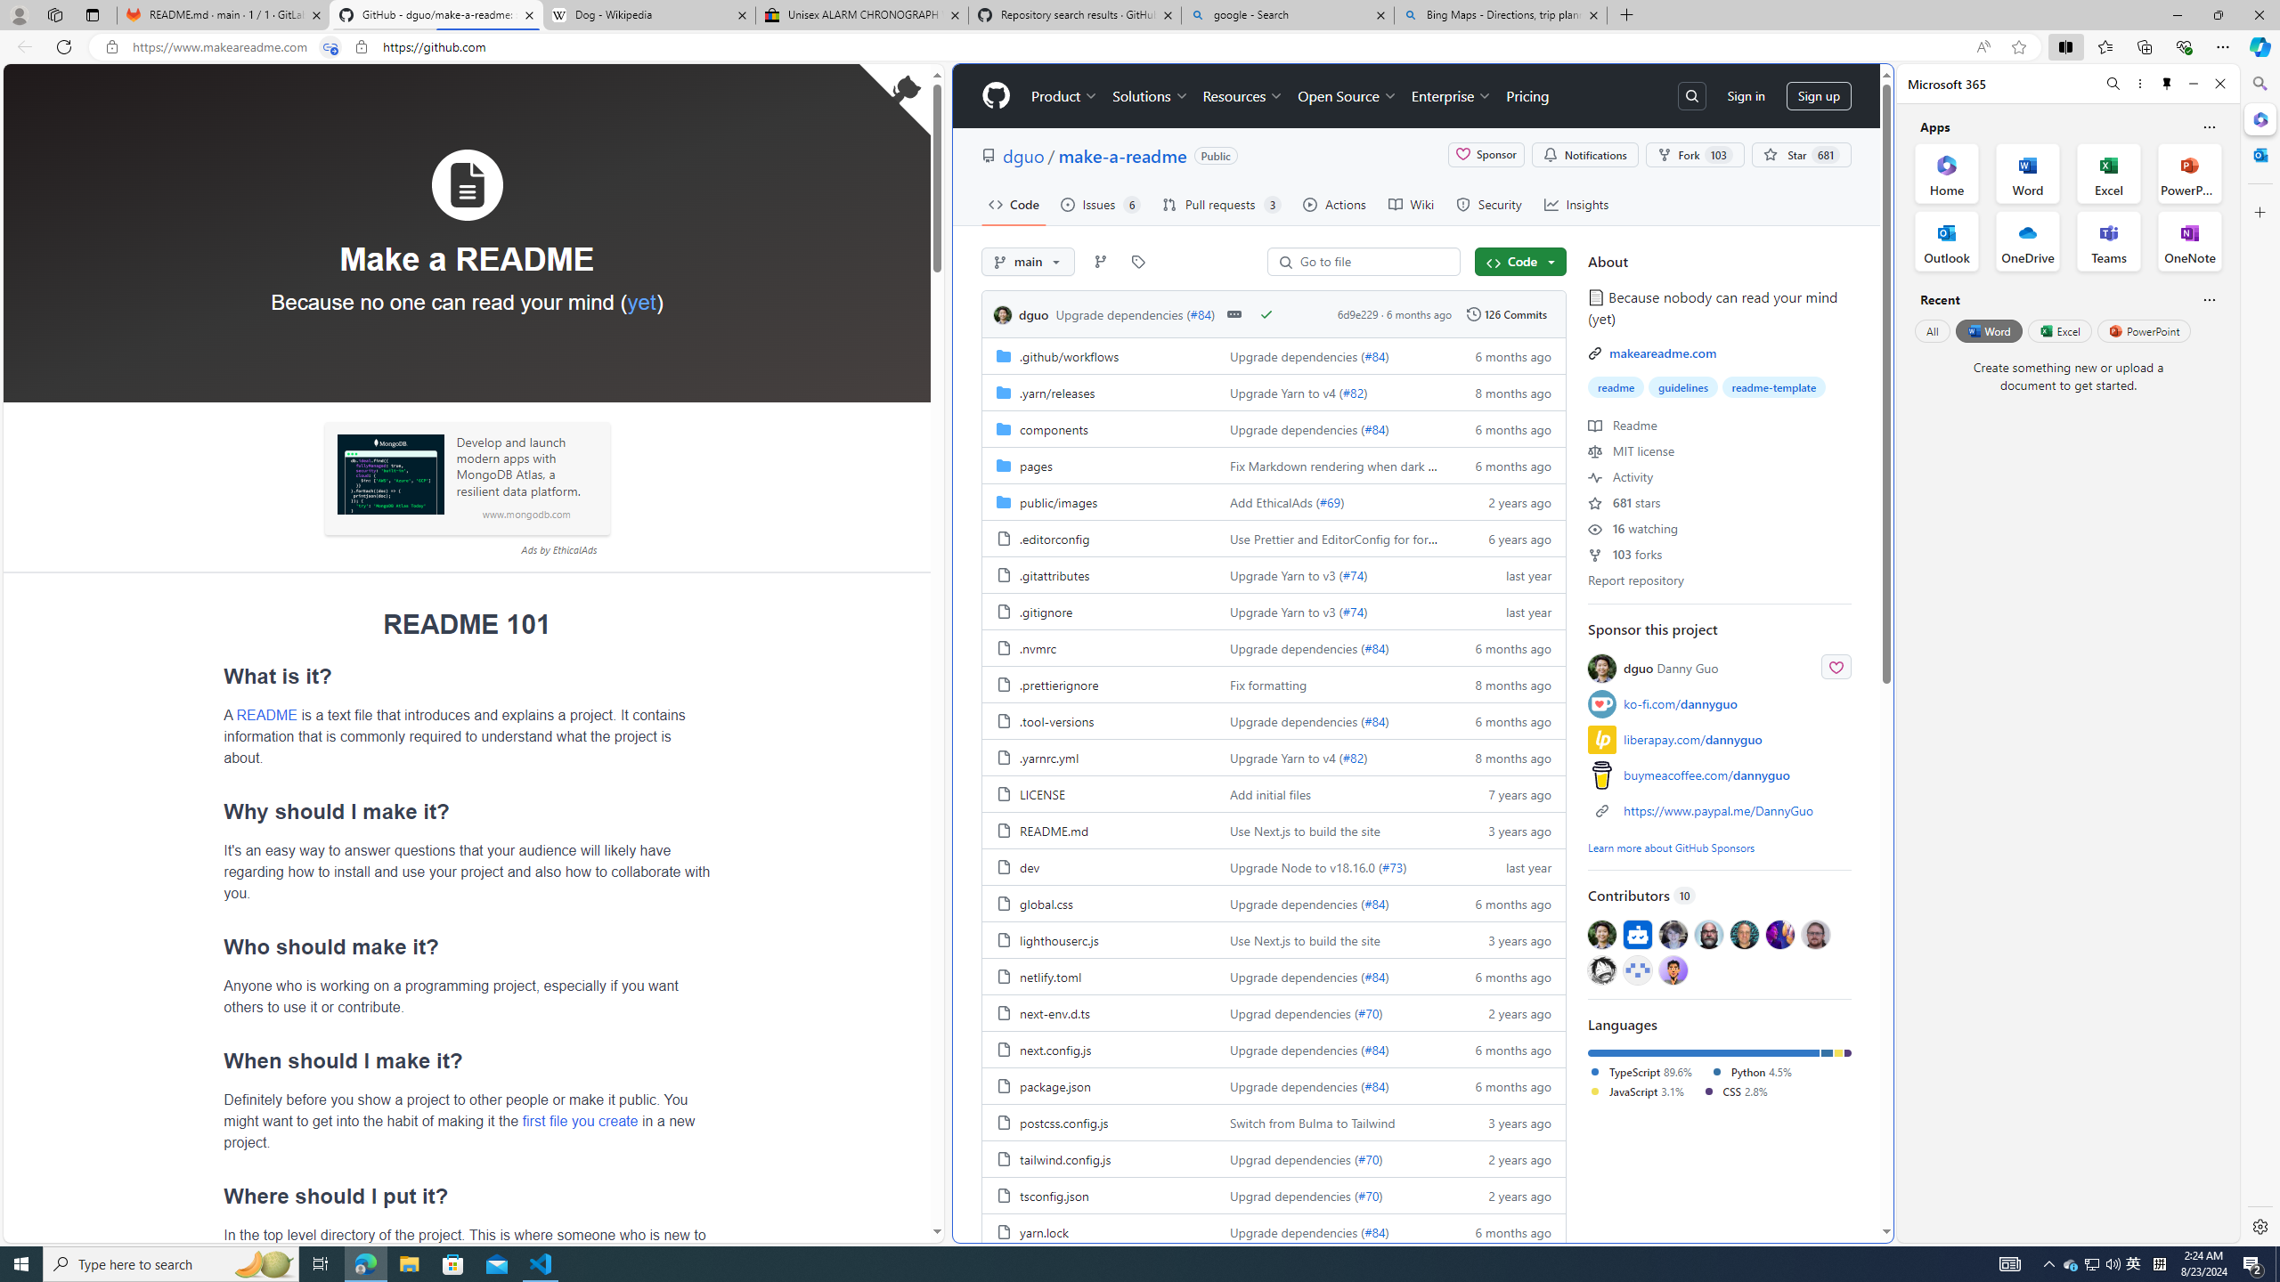  I want to click on 'AutomationID: folder-row-2', so click(1274, 427).